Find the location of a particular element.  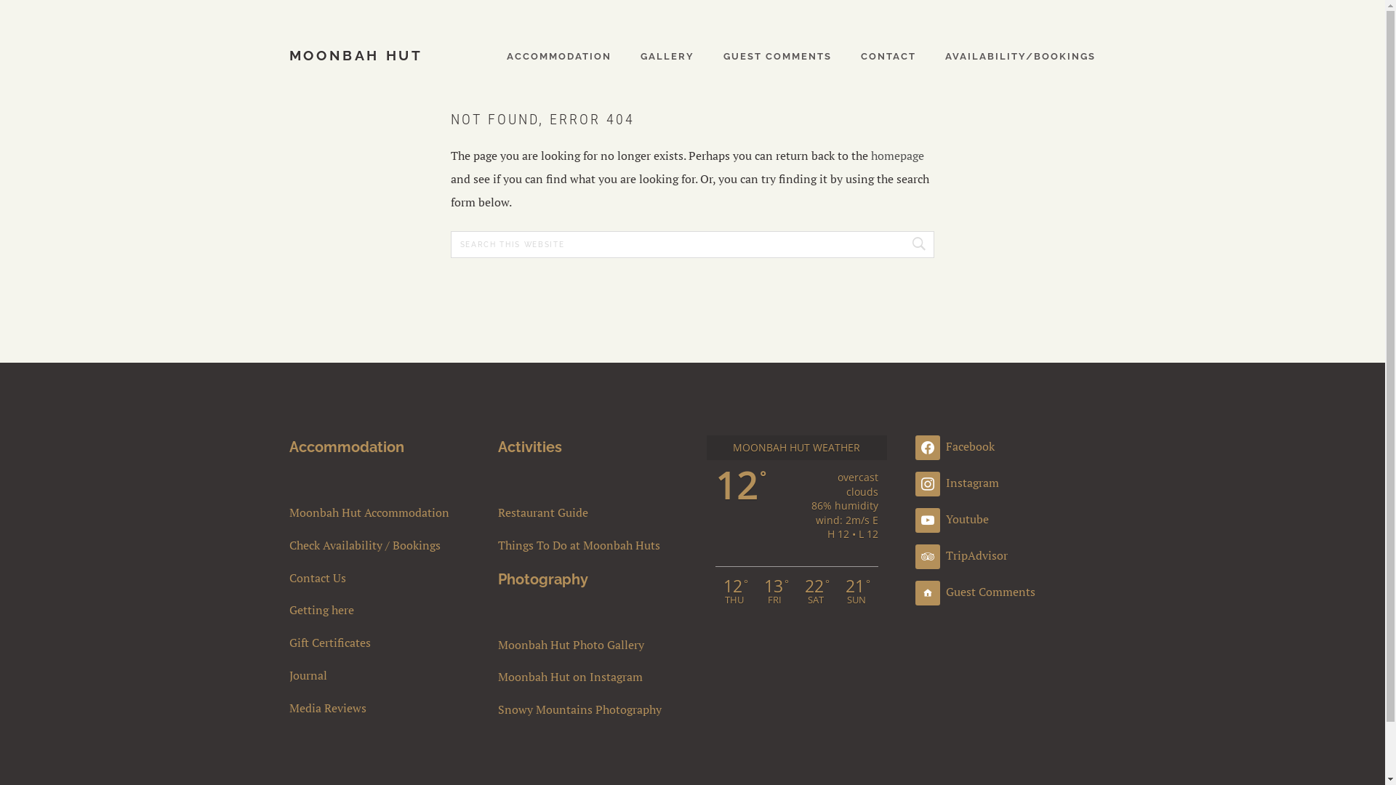

'TripAdvisor' is located at coordinates (961, 555).